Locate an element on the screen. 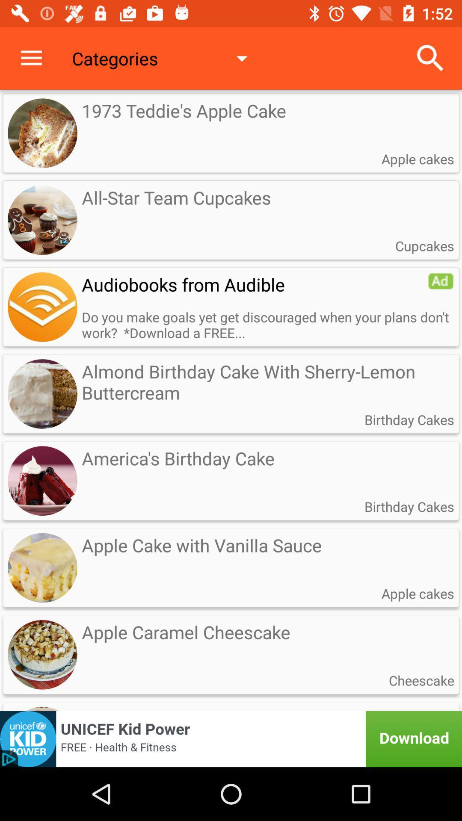 The width and height of the screenshot is (462, 821). the icon next to categories is located at coordinates (31, 58).